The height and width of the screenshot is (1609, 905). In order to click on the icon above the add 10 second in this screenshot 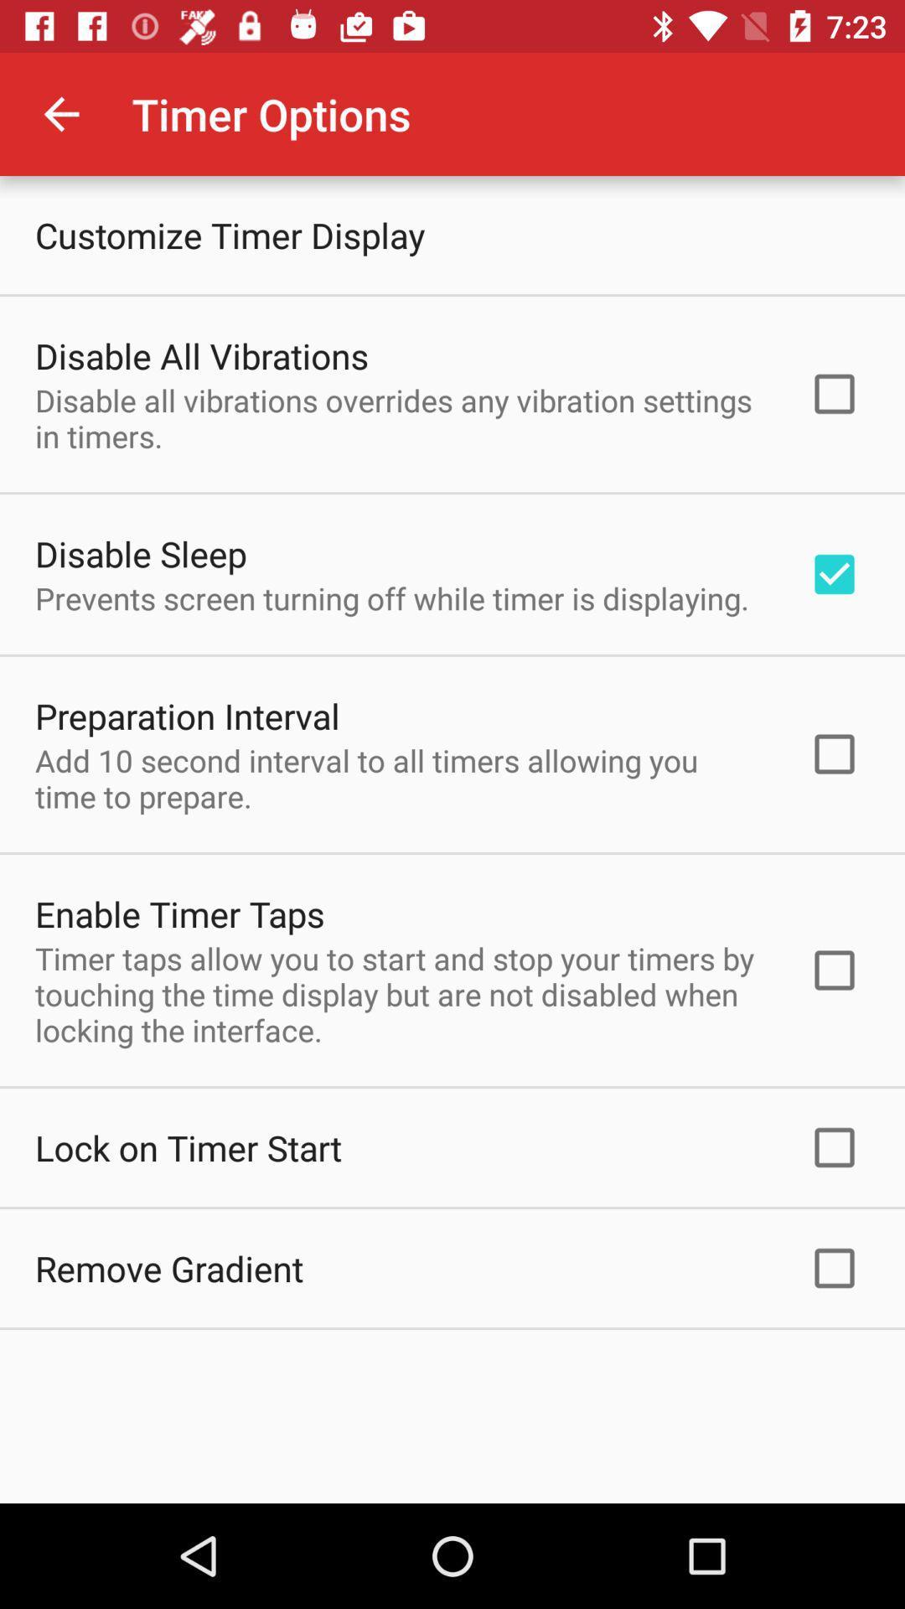, I will do `click(187, 716)`.